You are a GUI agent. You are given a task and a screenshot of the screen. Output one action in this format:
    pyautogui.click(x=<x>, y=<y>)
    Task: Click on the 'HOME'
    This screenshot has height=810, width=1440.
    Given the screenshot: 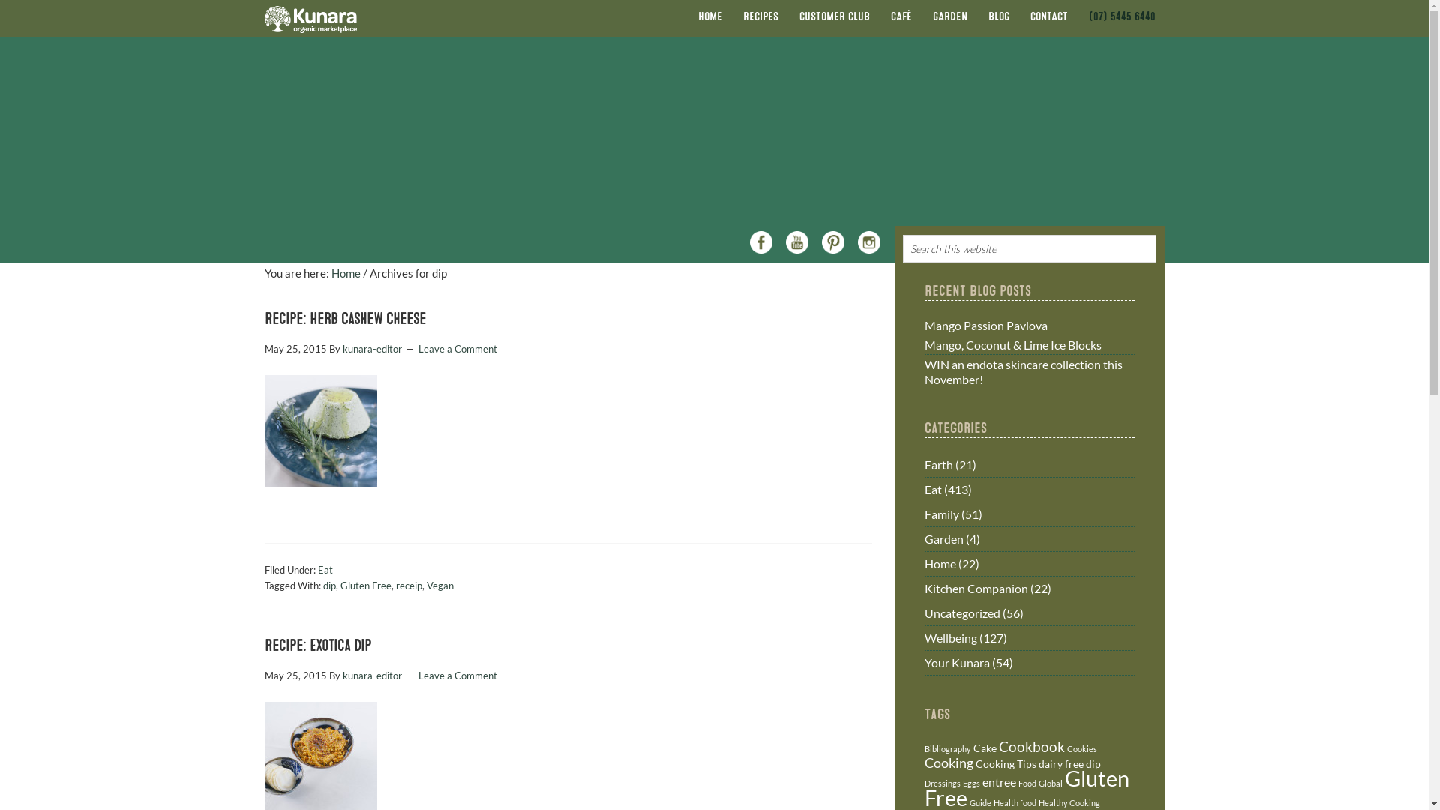 What is the action you would take?
    pyautogui.click(x=708, y=16)
    